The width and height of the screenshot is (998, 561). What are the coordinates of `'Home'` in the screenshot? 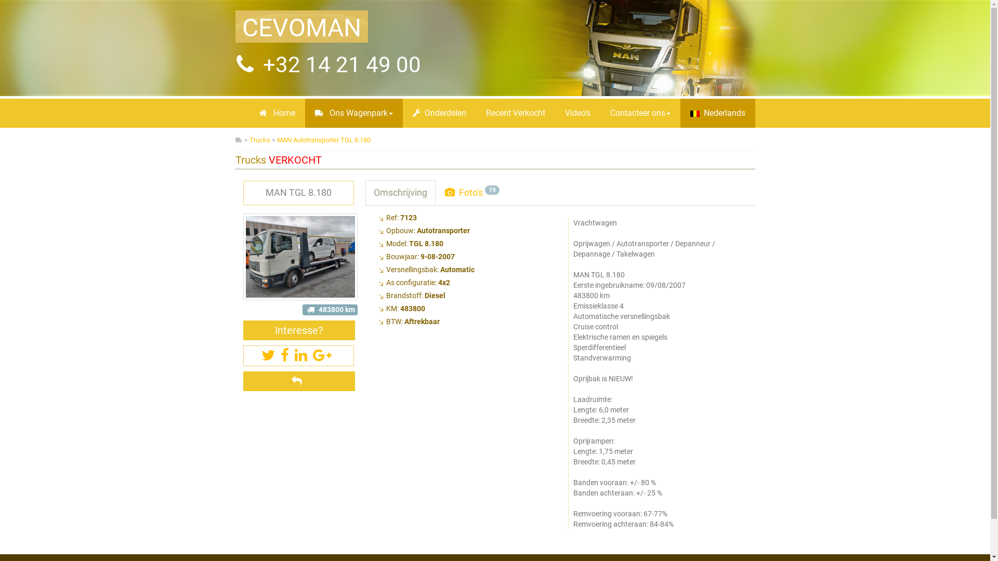 It's located at (277, 113).